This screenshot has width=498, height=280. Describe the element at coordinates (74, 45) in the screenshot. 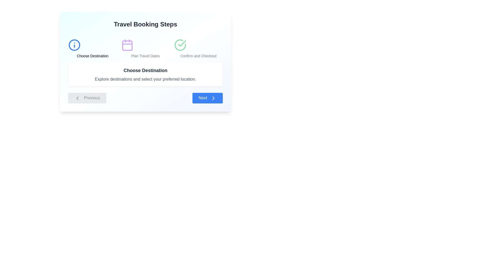

I see `the blue circular icon with a centered dot and vertical line, located above the 'Choose Destination' label in the upper-left section of the menu` at that location.